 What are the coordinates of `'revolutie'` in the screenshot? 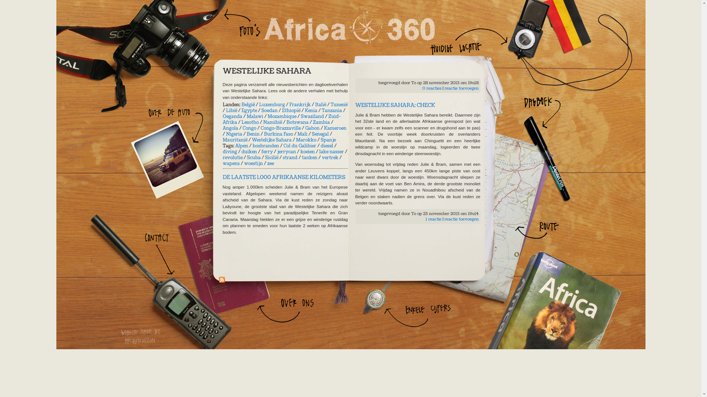 It's located at (232, 157).